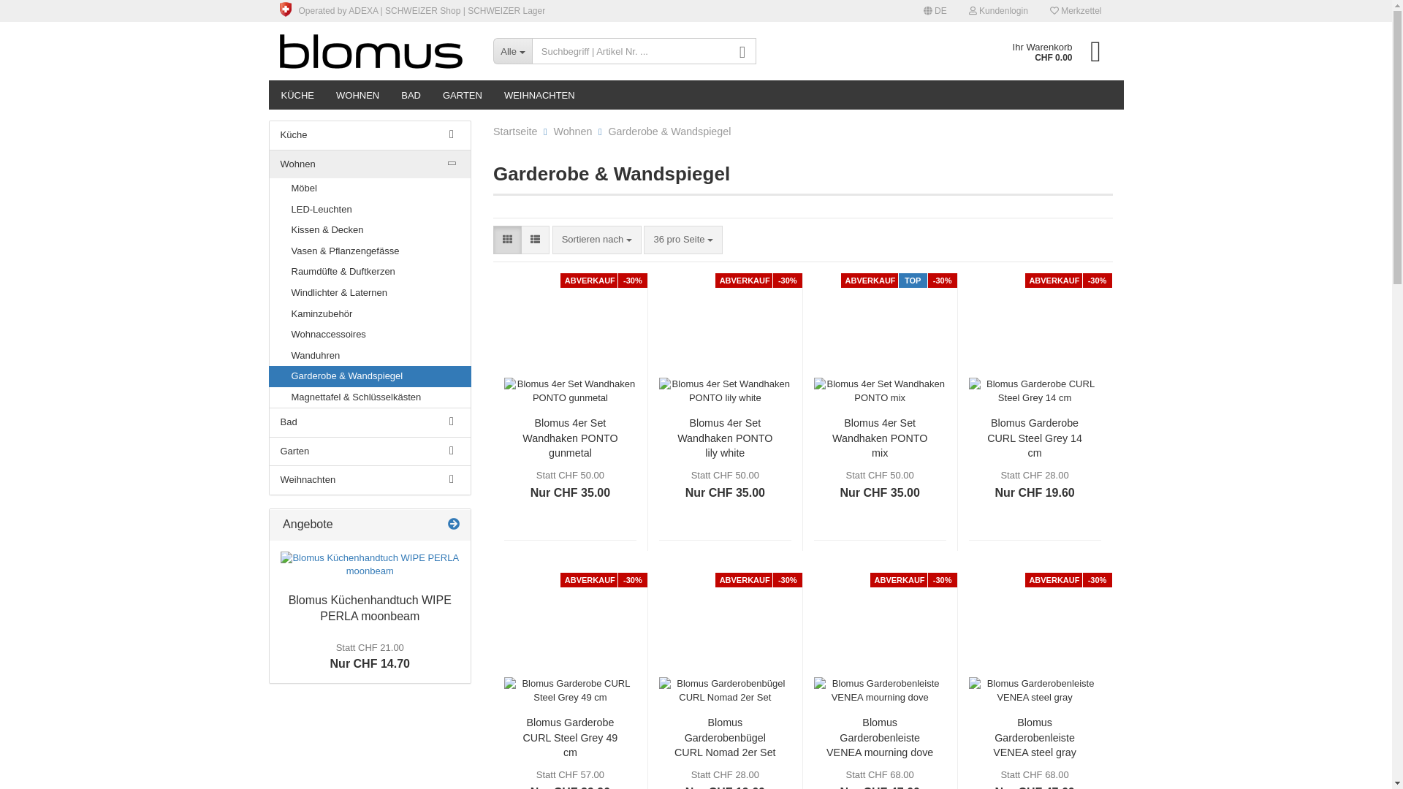 The image size is (1403, 789). I want to click on 'Startseite', so click(515, 131).